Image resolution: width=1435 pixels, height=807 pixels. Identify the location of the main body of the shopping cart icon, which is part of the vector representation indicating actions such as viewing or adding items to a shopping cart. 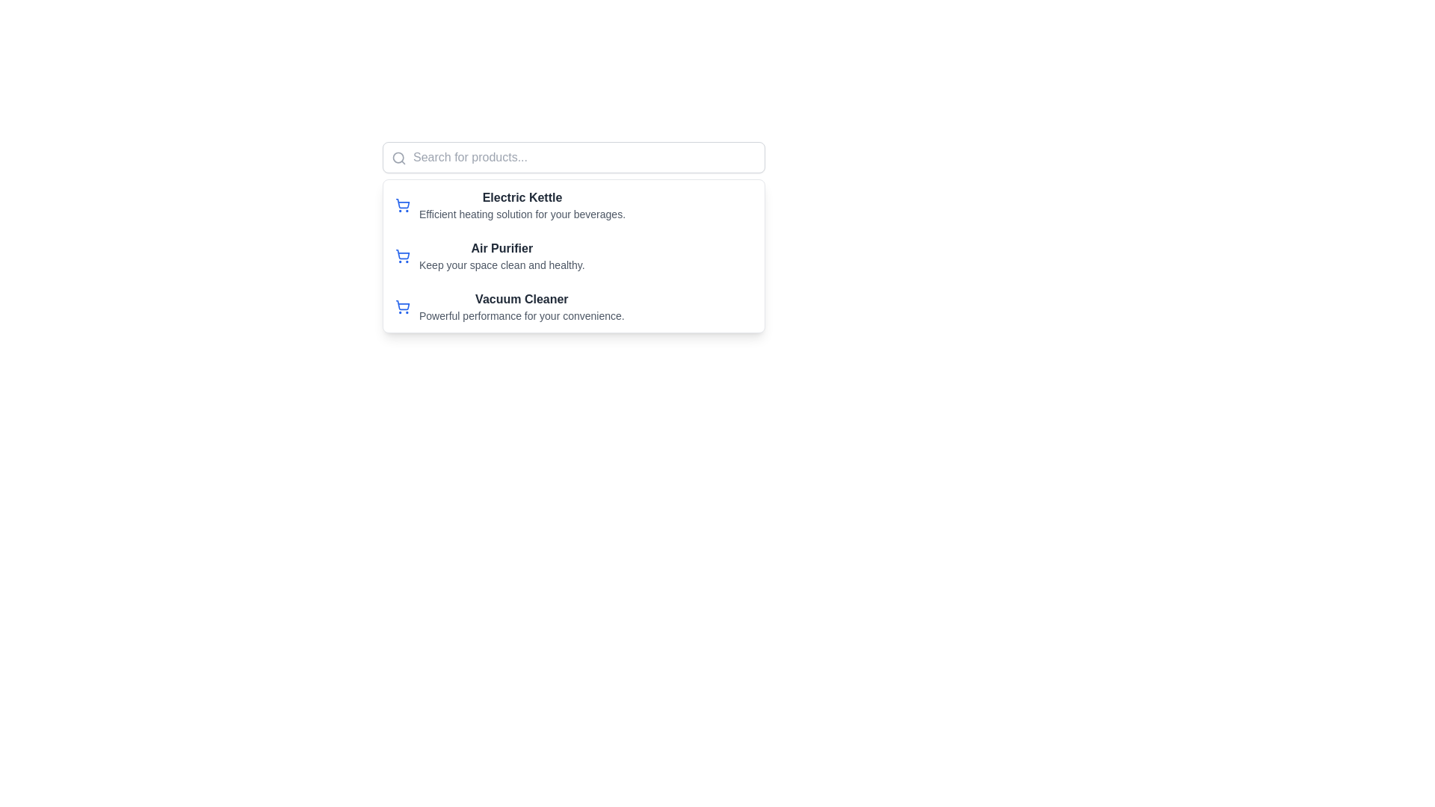
(403, 203).